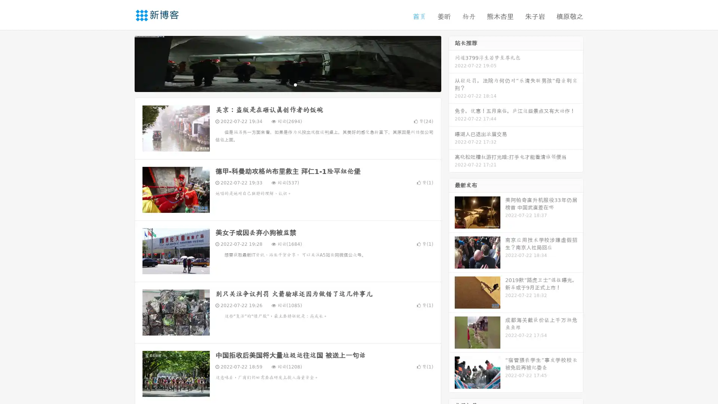 The image size is (718, 404). What do you see at coordinates (287, 84) in the screenshot?
I see `Go to slide 2` at bounding box center [287, 84].